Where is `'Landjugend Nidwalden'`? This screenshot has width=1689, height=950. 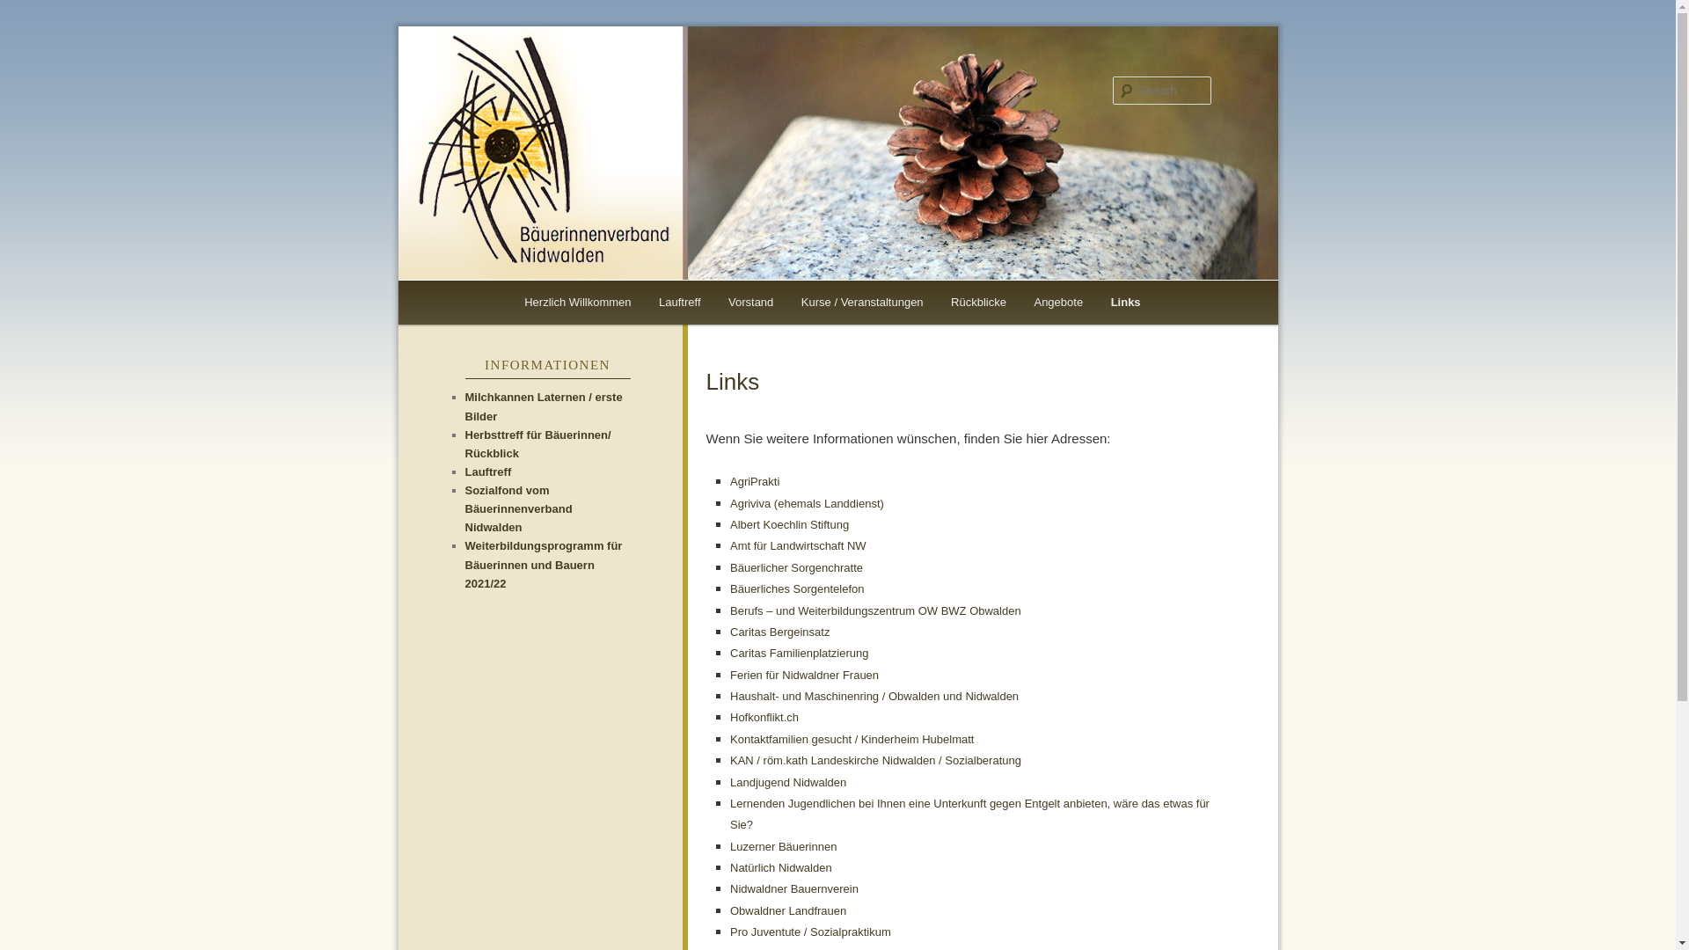
'Landjugend Nidwalden' is located at coordinates (787, 781).